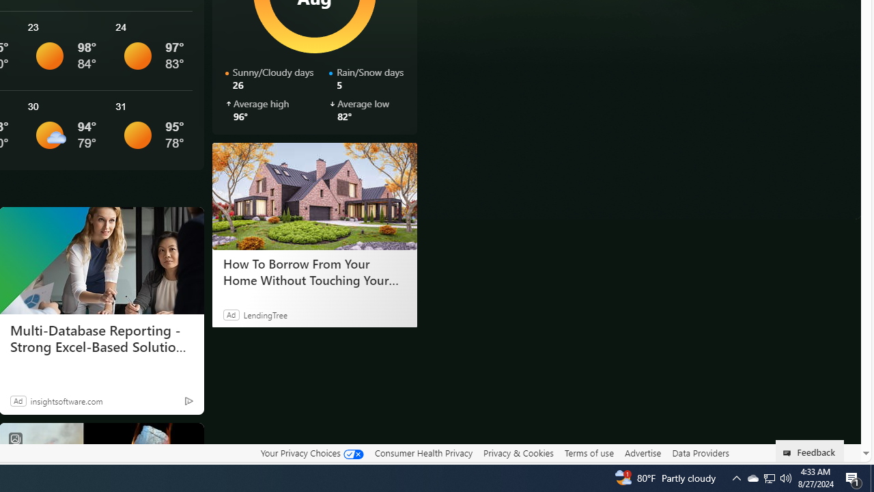 The height and width of the screenshot is (492, 874). What do you see at coordinates (789, 453) in the screenshot?
I see `'Class: feedback_link_icon-DS-EntryPoint1-1'` at bounding box center [789, 453].